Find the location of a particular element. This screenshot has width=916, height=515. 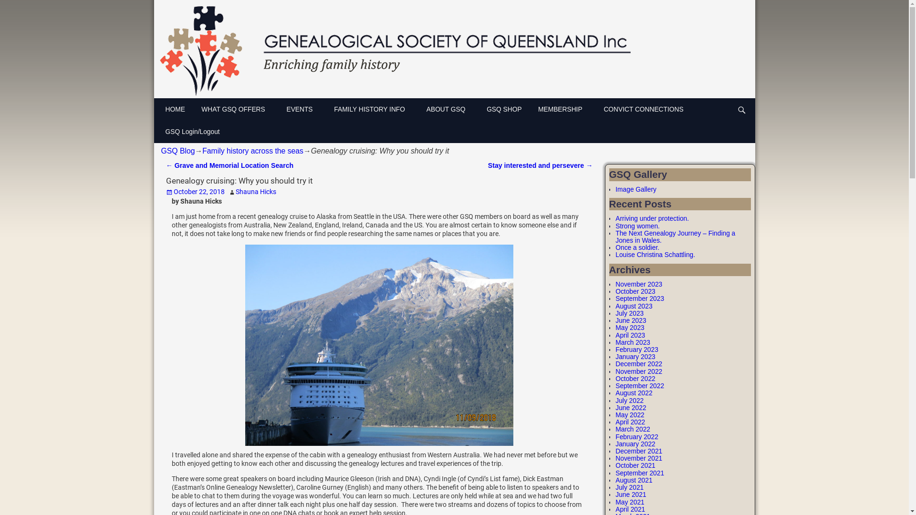

'June 2022' is located at coordinates (630, 408).